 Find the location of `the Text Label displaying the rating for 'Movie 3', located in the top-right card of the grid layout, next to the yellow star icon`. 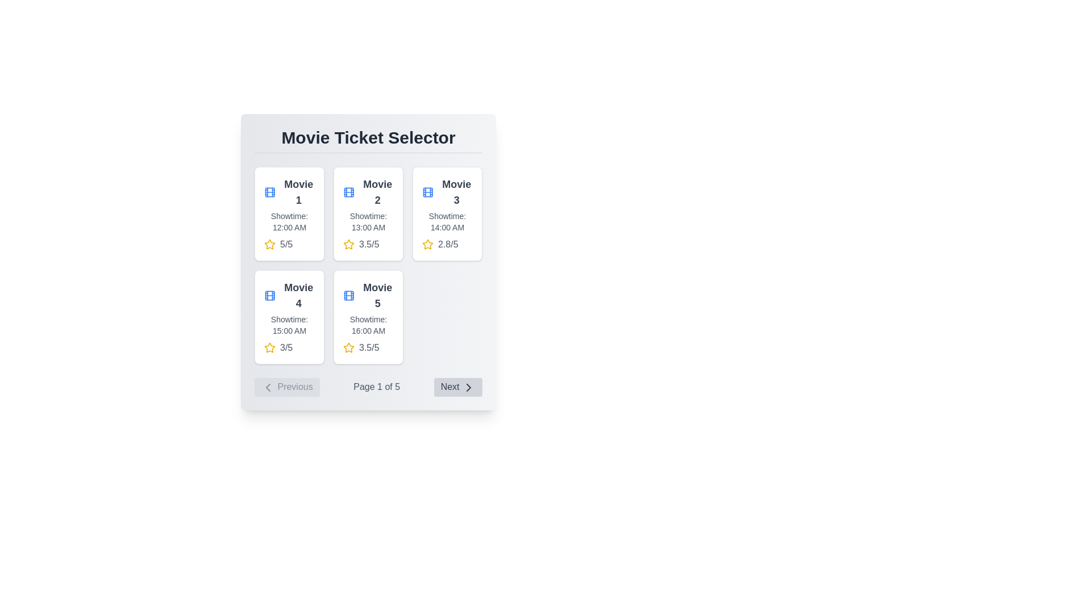

the Text Label displaying the rating for 'Movie 3', located in the top-right card of the grid layout, next to the yellow star icon is located at coordinates (447, 244).